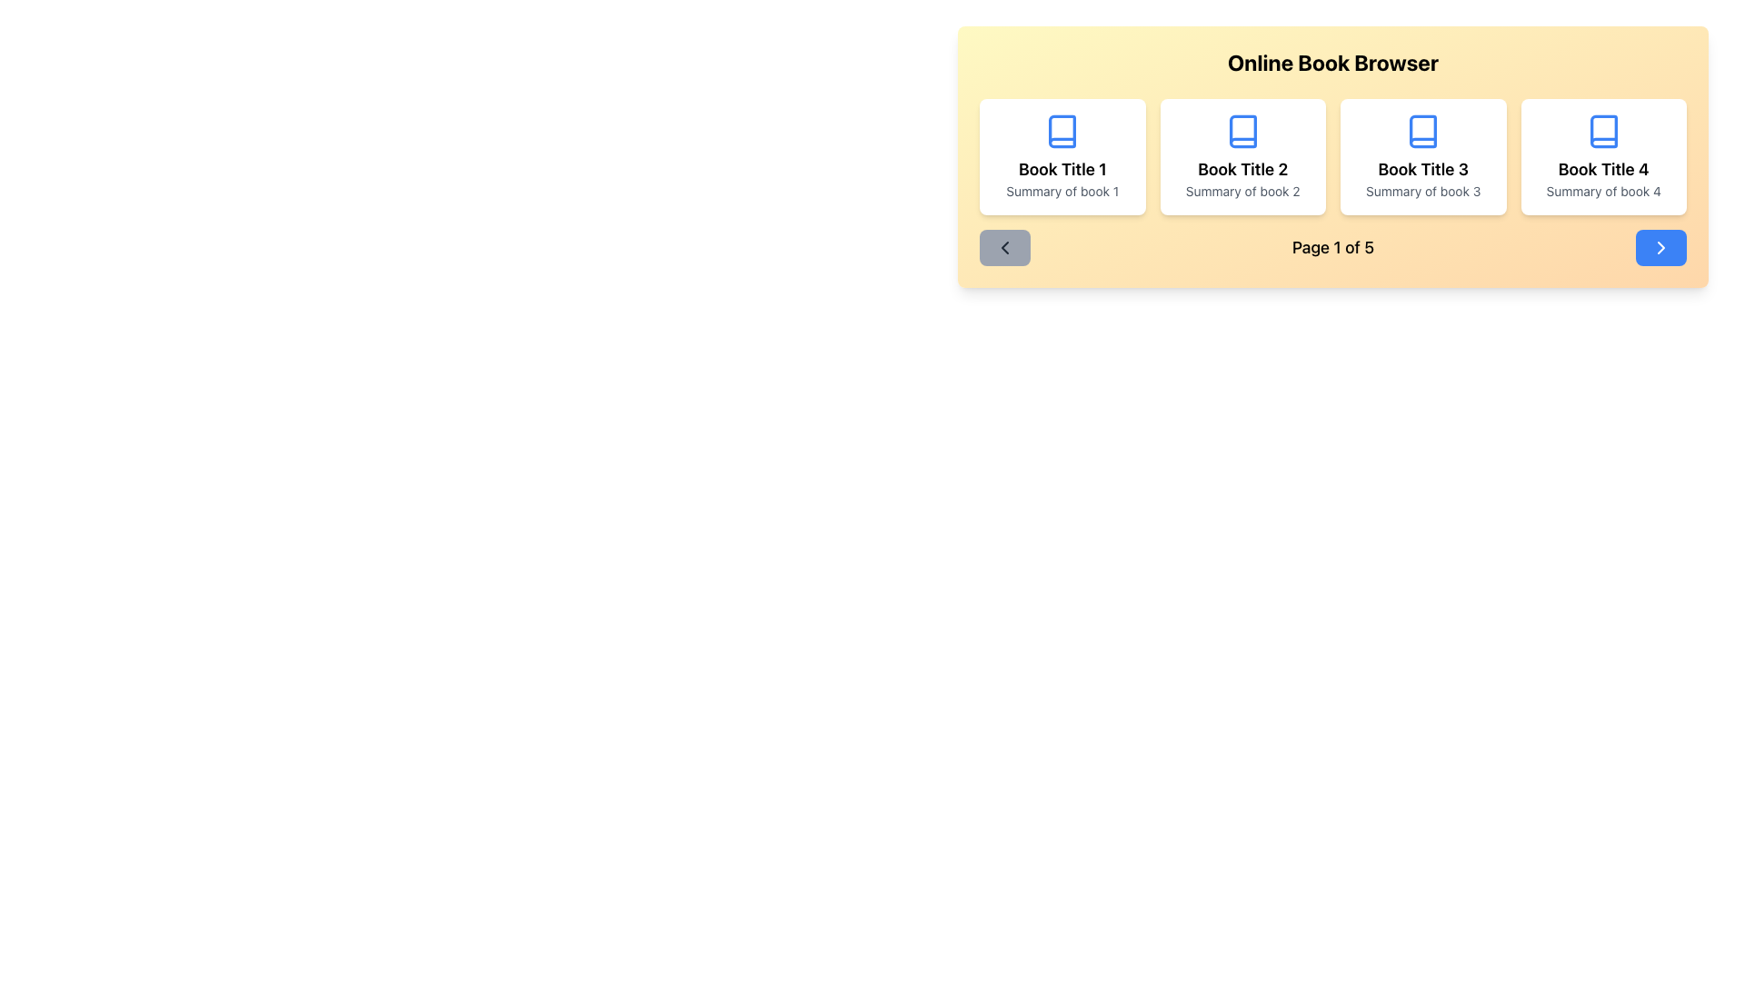 The width and height of the screenshot is (1745, 981). What do you see at coordinates (1003, 248) in the screenshot?
I see `the backward navigation SVG icon located inside the button at the bottom-left corner of the interface, next to the 'Book Title 1' card` at bounding box center [1003, 248].